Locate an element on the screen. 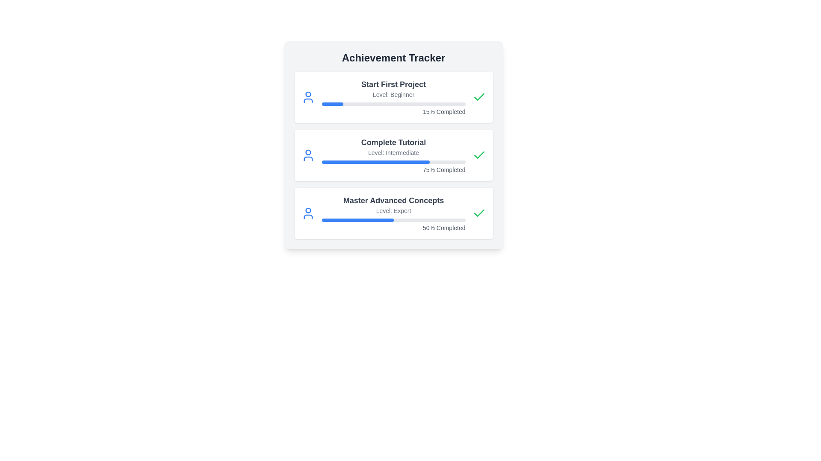 This screenshot has height=461, width=821. the middle progress bar element that visually represents 50% completion of the task is located at coordinates (357, 220).